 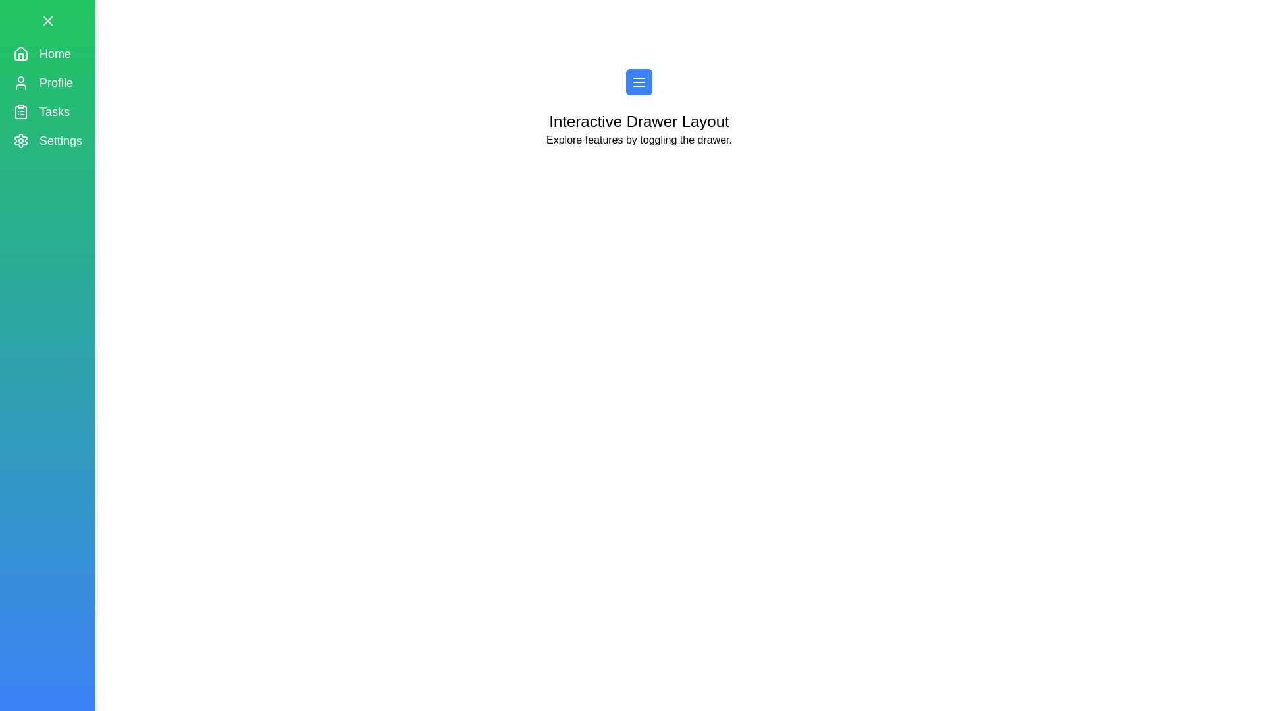 I want to click on the menu item labeled Home, so click(x=47, y=53).